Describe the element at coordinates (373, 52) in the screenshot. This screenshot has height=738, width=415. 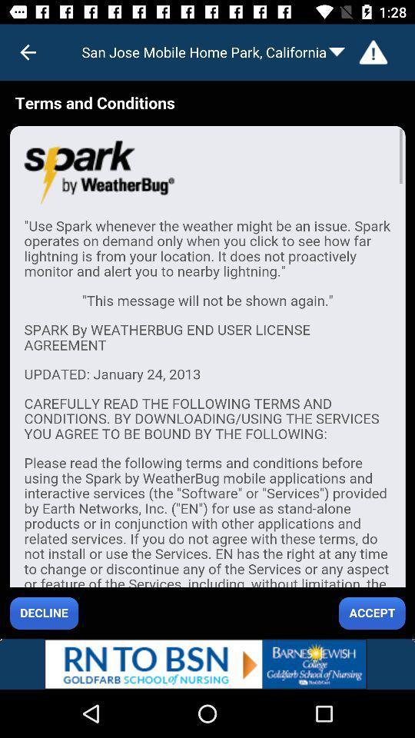
I see `warning` at that location.